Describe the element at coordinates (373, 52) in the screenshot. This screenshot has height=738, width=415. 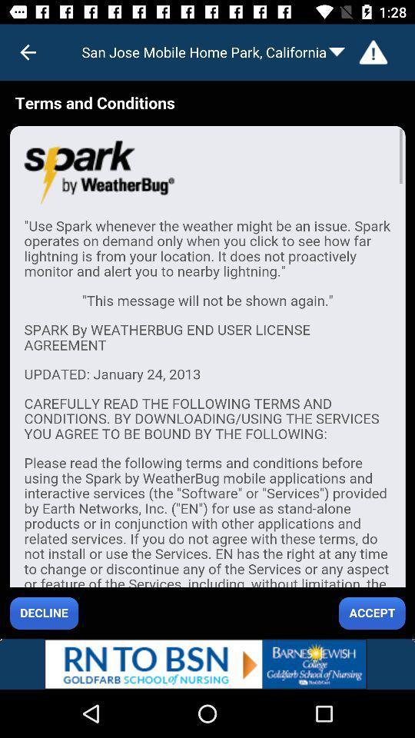
I see `warning` at that location.